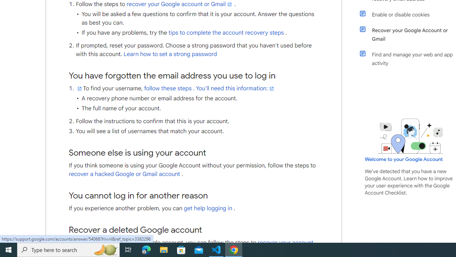 The height and width of the screenshot is (257, 456). I want to click on 'tips to complete the account recovery steps', so click(226, 33).